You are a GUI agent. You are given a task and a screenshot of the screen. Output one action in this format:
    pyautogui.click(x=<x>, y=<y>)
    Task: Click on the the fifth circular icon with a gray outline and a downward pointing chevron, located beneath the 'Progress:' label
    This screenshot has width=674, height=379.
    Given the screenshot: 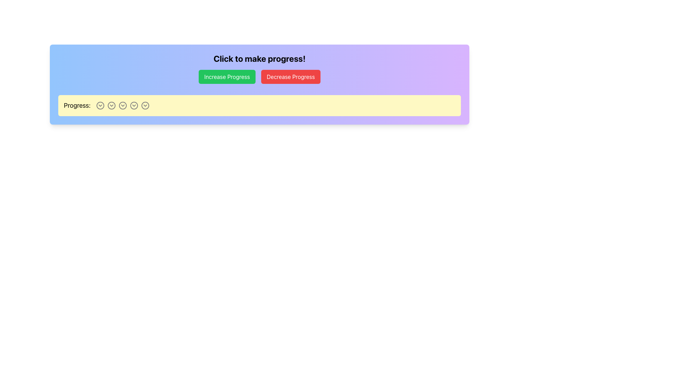 What is the action you would take?
    pyautogui.click(x=134, y=105)
    